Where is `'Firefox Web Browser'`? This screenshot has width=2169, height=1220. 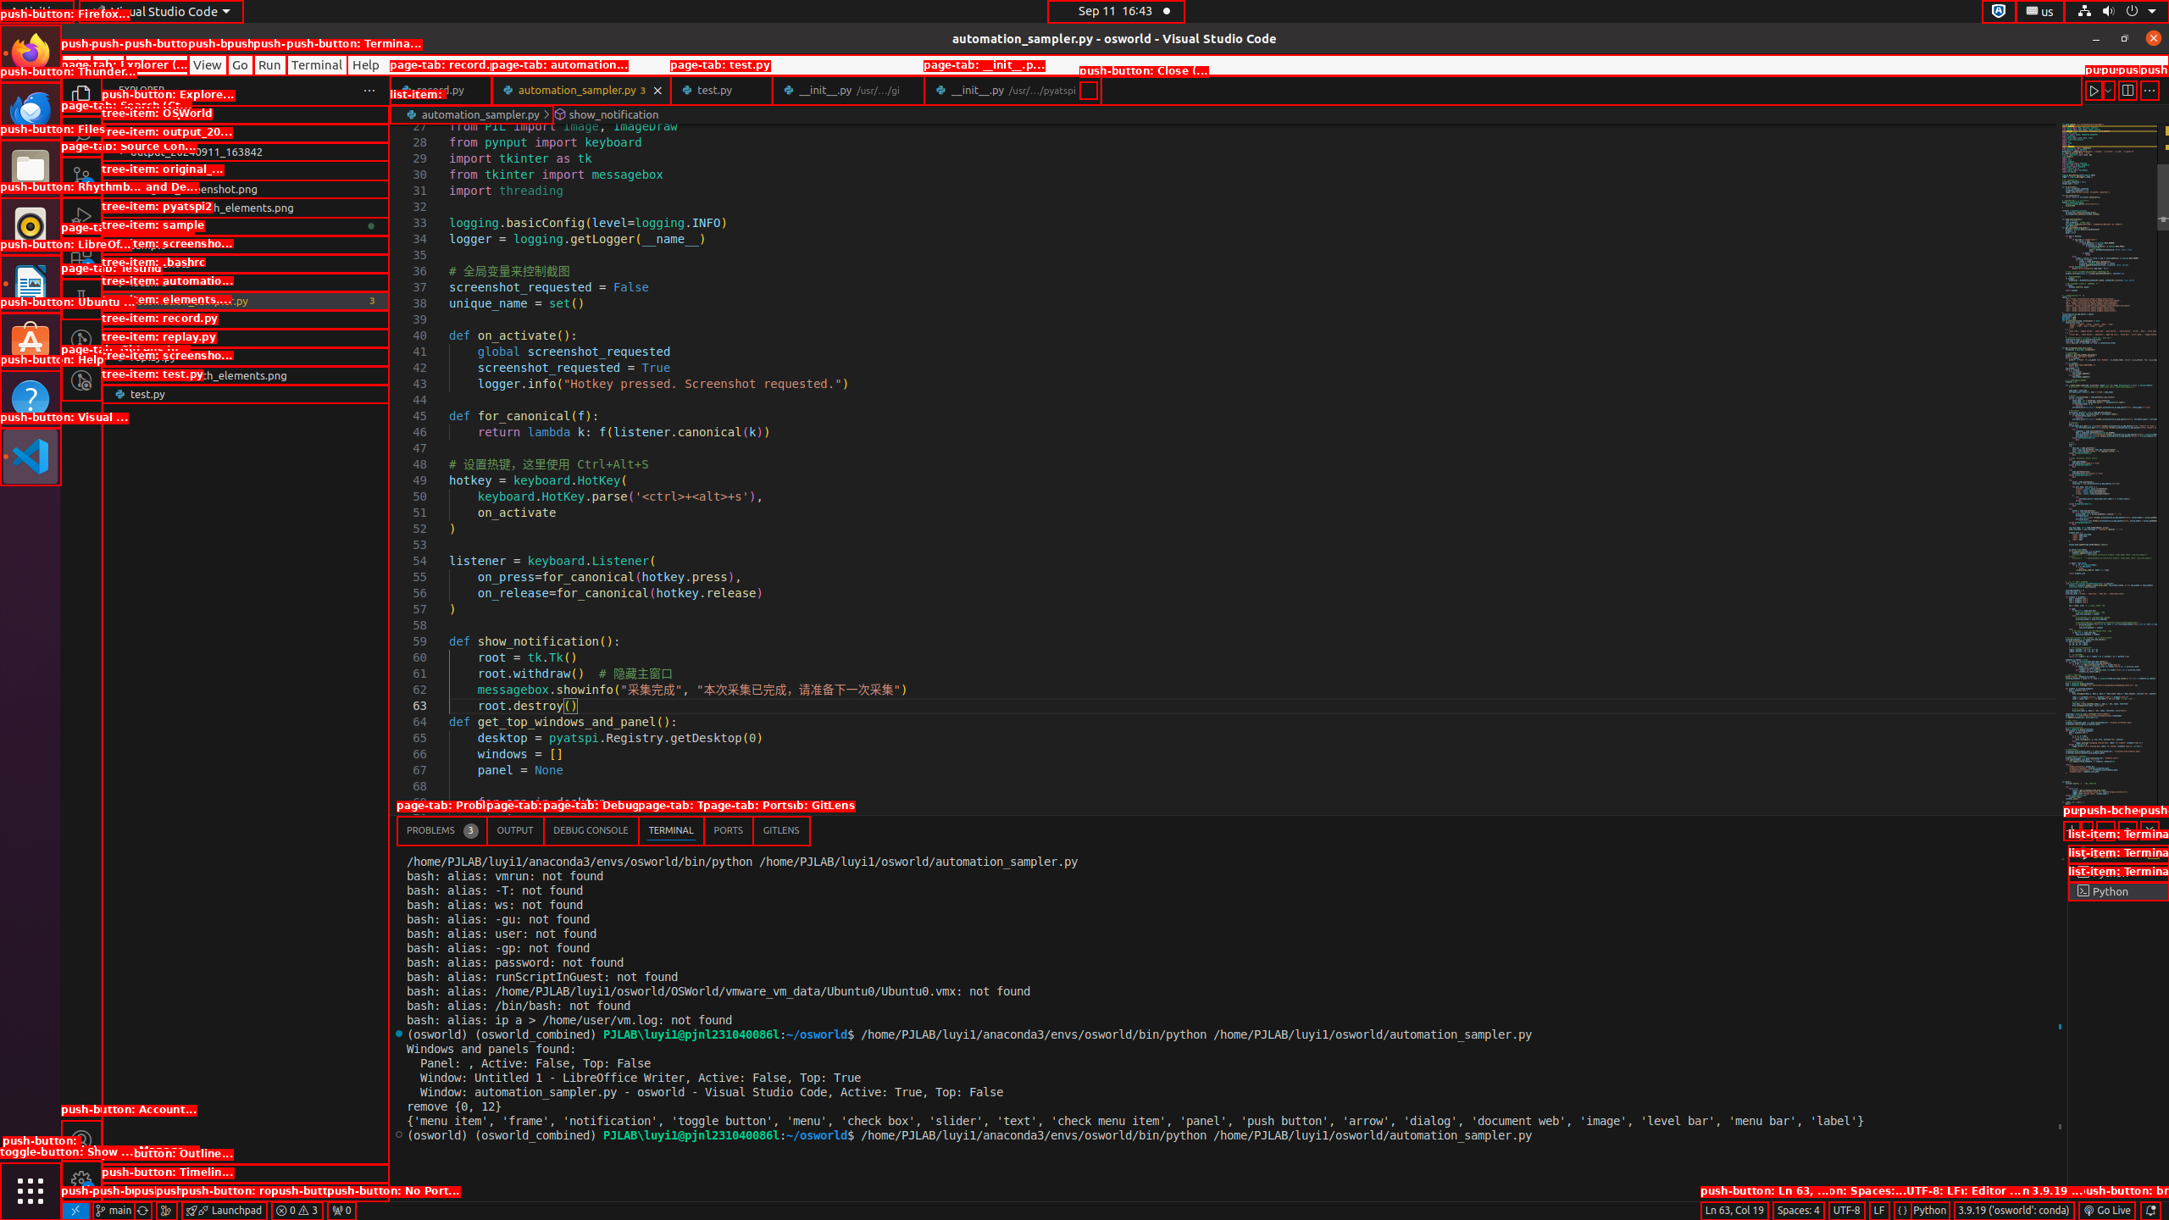
'Firefox Web Browser' is located at coordinates (31, 52).